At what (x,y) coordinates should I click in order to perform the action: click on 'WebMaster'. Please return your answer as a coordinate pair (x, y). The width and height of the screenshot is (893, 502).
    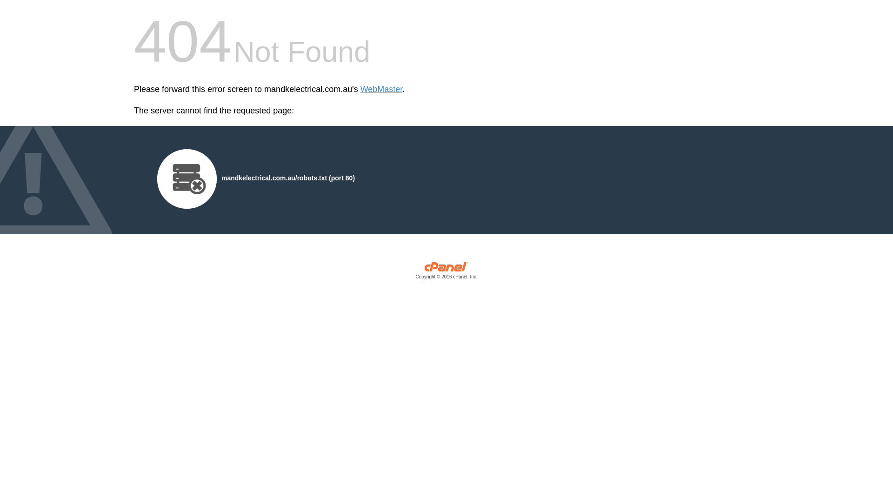
    Looking at the image, I should click on (381, 89).